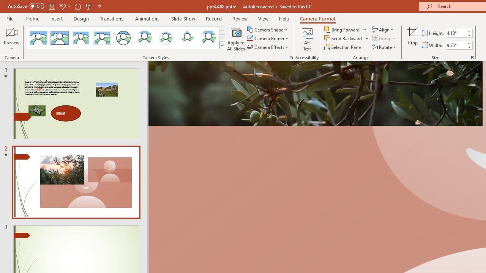 This screenshot has width=486, height=273. Describe the element at coordinates (250, 38) in the screenshot. I see `'Camera Border Teal, Accent 1'` at that location.